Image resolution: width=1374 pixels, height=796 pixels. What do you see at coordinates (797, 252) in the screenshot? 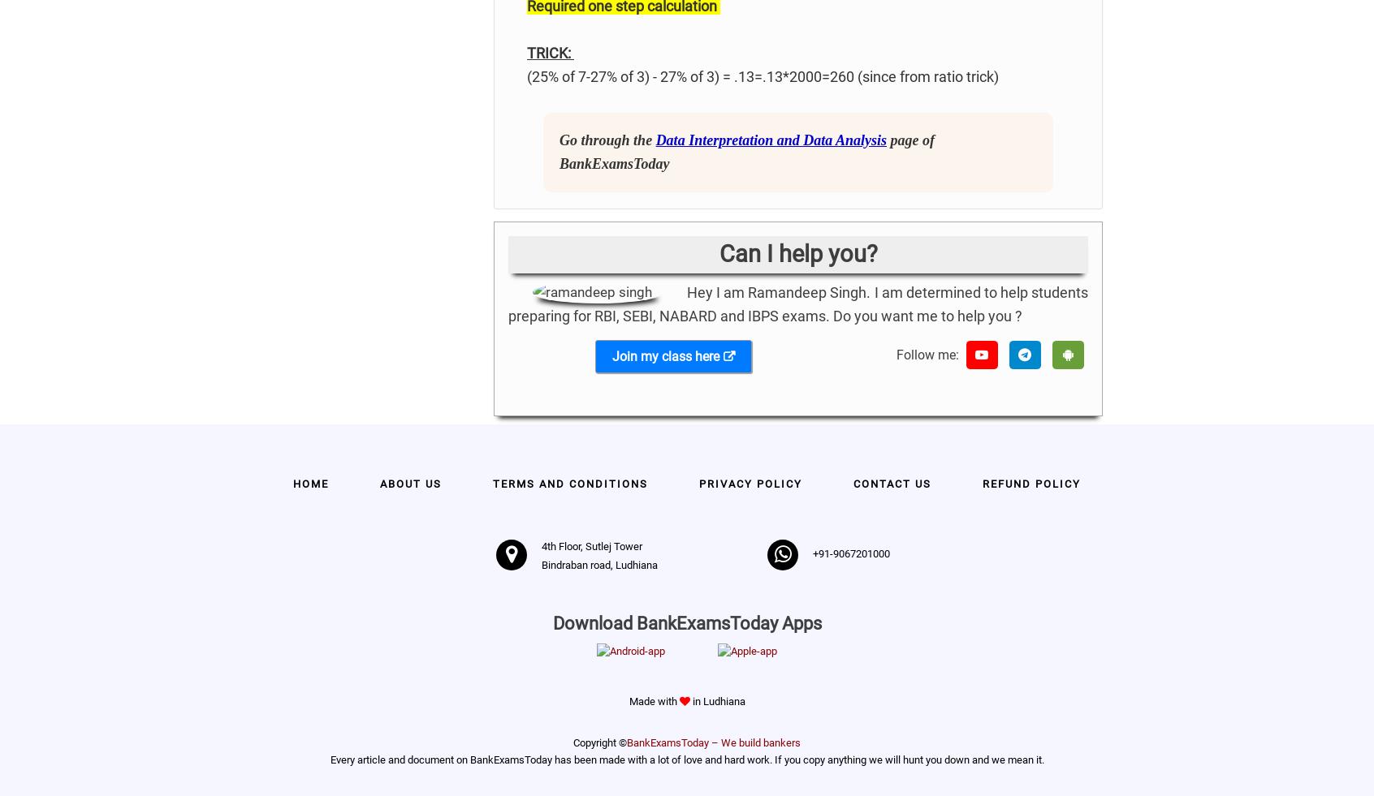
I see `'Can I help you?'` at bounding box center [797, 252].